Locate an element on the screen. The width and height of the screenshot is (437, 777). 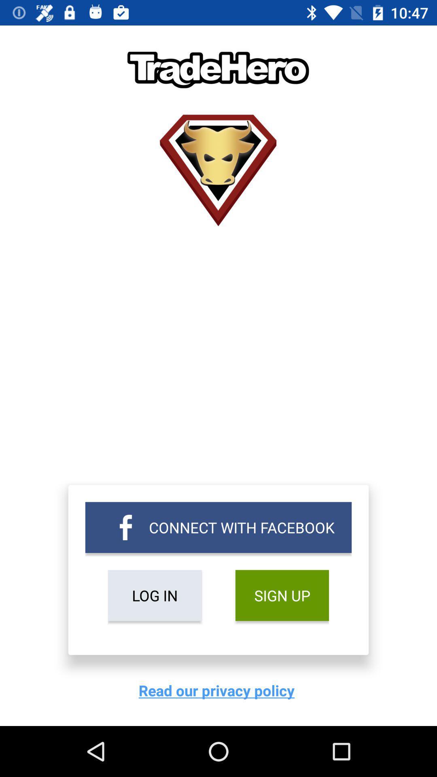
the item above read our privacy item is located at coordinates (155, 595).